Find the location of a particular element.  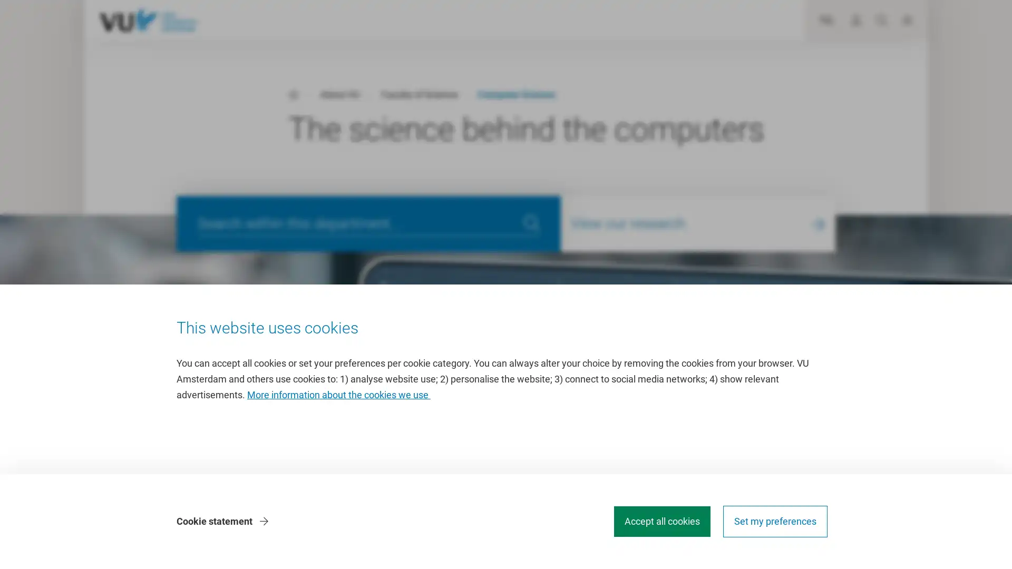

search is located at coordinates (531, 223).